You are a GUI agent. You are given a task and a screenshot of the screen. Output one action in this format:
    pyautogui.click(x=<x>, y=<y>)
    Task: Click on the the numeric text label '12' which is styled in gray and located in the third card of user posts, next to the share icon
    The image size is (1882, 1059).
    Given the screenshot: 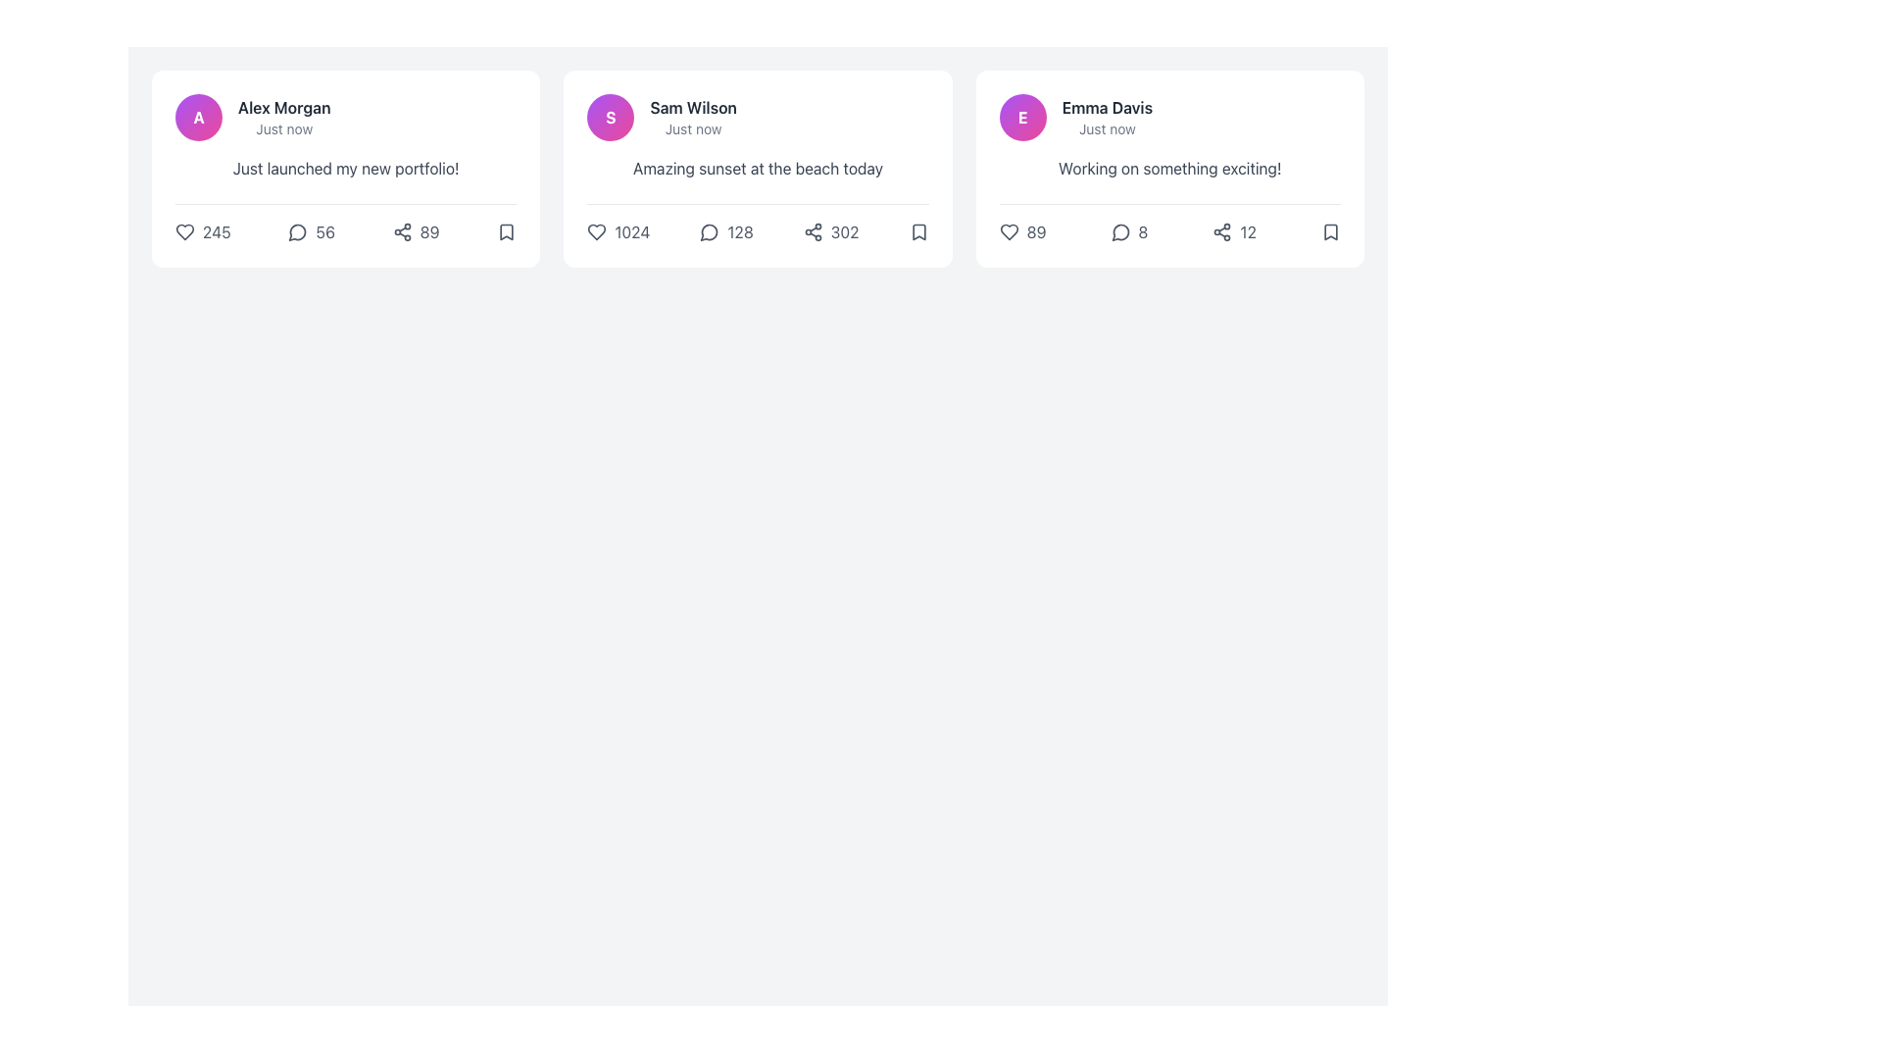 What is the action you would take?
    pyautogui.click(x=1247, y=230)
    